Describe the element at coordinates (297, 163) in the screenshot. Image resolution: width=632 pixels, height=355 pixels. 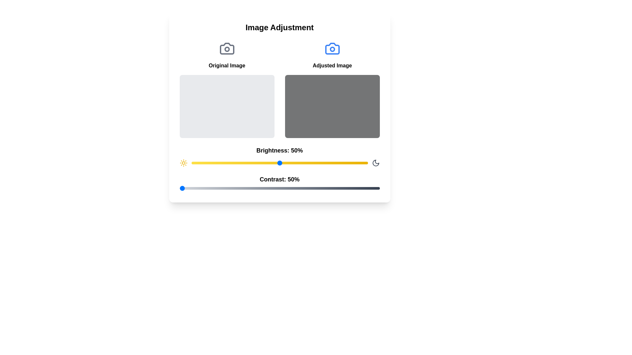
I see `brightness` at that location.